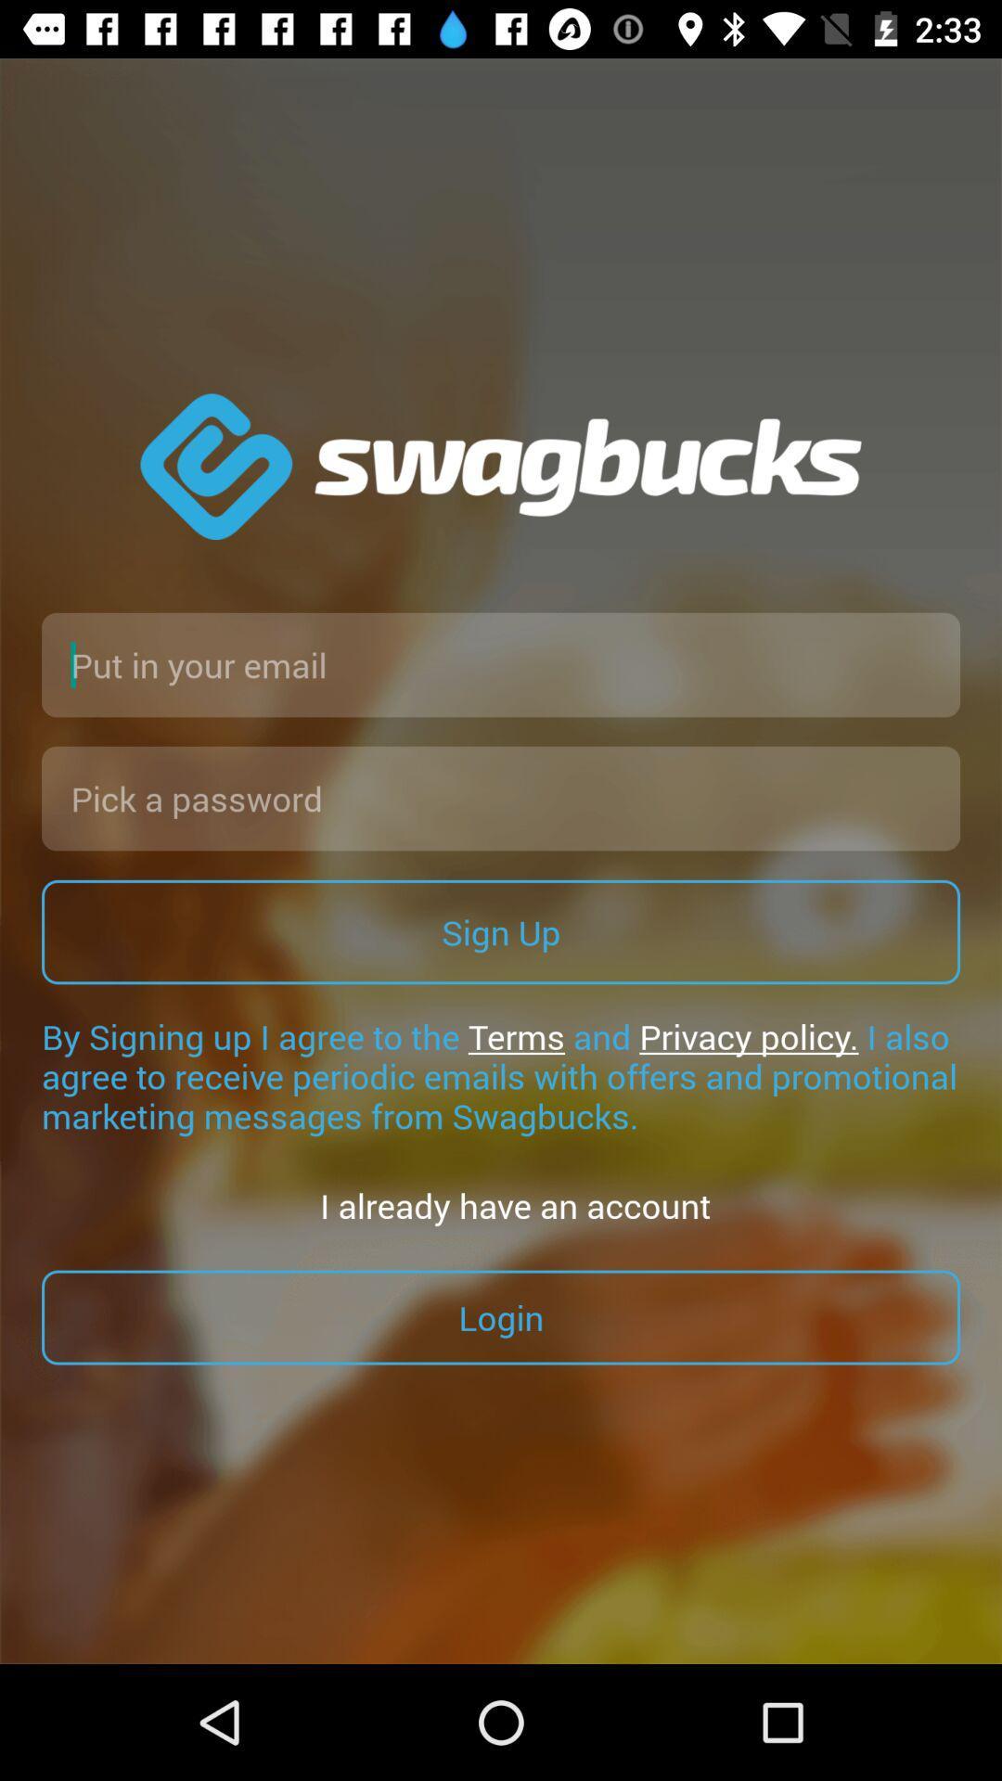 The image size is (1002, 1781). Describe the element at coordinates (501, 1076) in the screenshot. I see `the by signing up item` at that location.